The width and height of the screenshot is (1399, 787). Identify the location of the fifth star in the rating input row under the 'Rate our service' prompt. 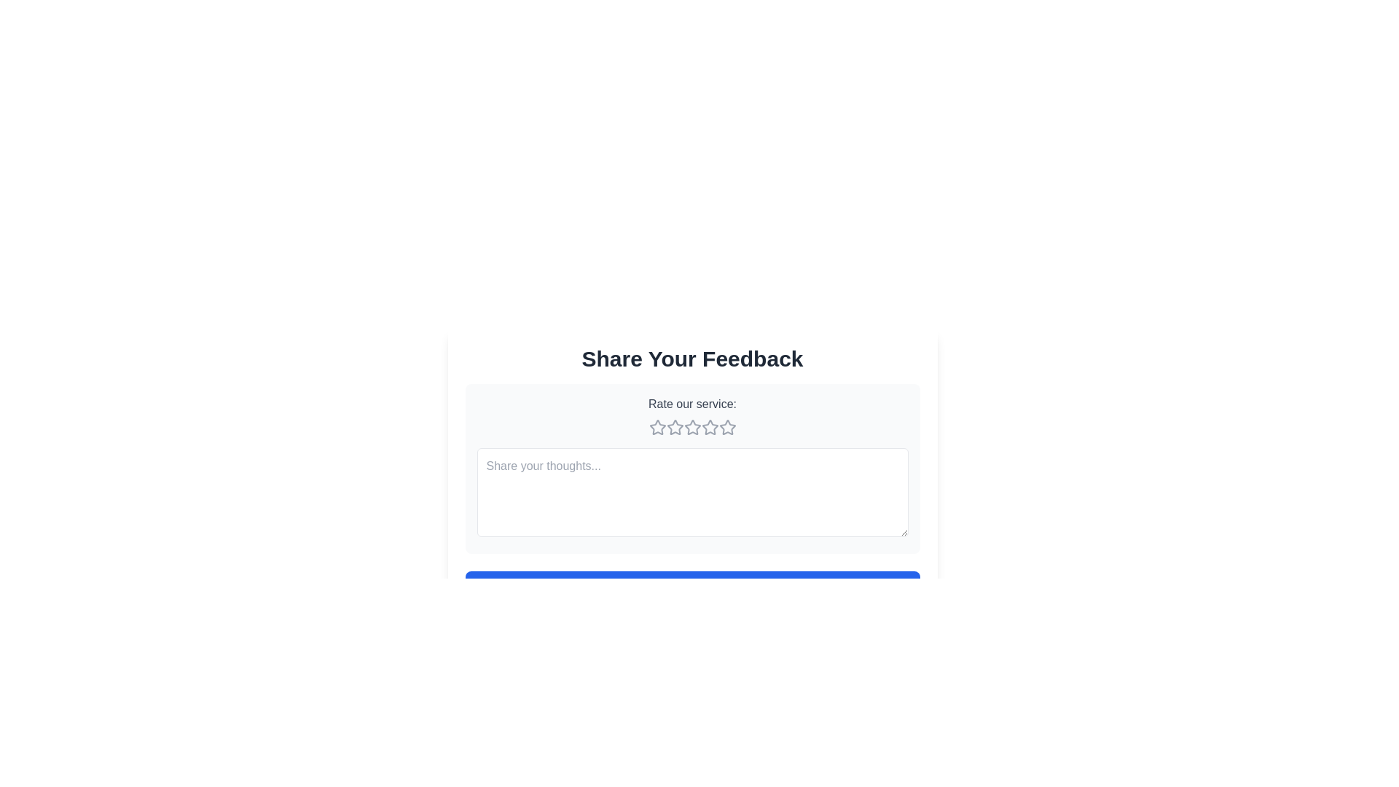
(727, 426).